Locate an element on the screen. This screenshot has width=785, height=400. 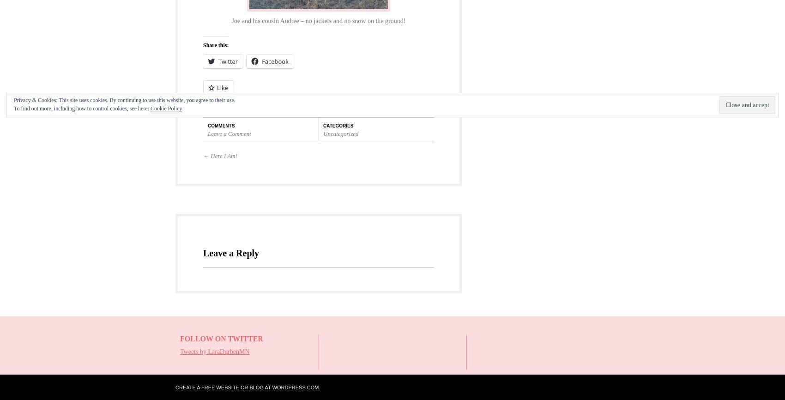
'Share this:' is located at coordinates (216, 45).